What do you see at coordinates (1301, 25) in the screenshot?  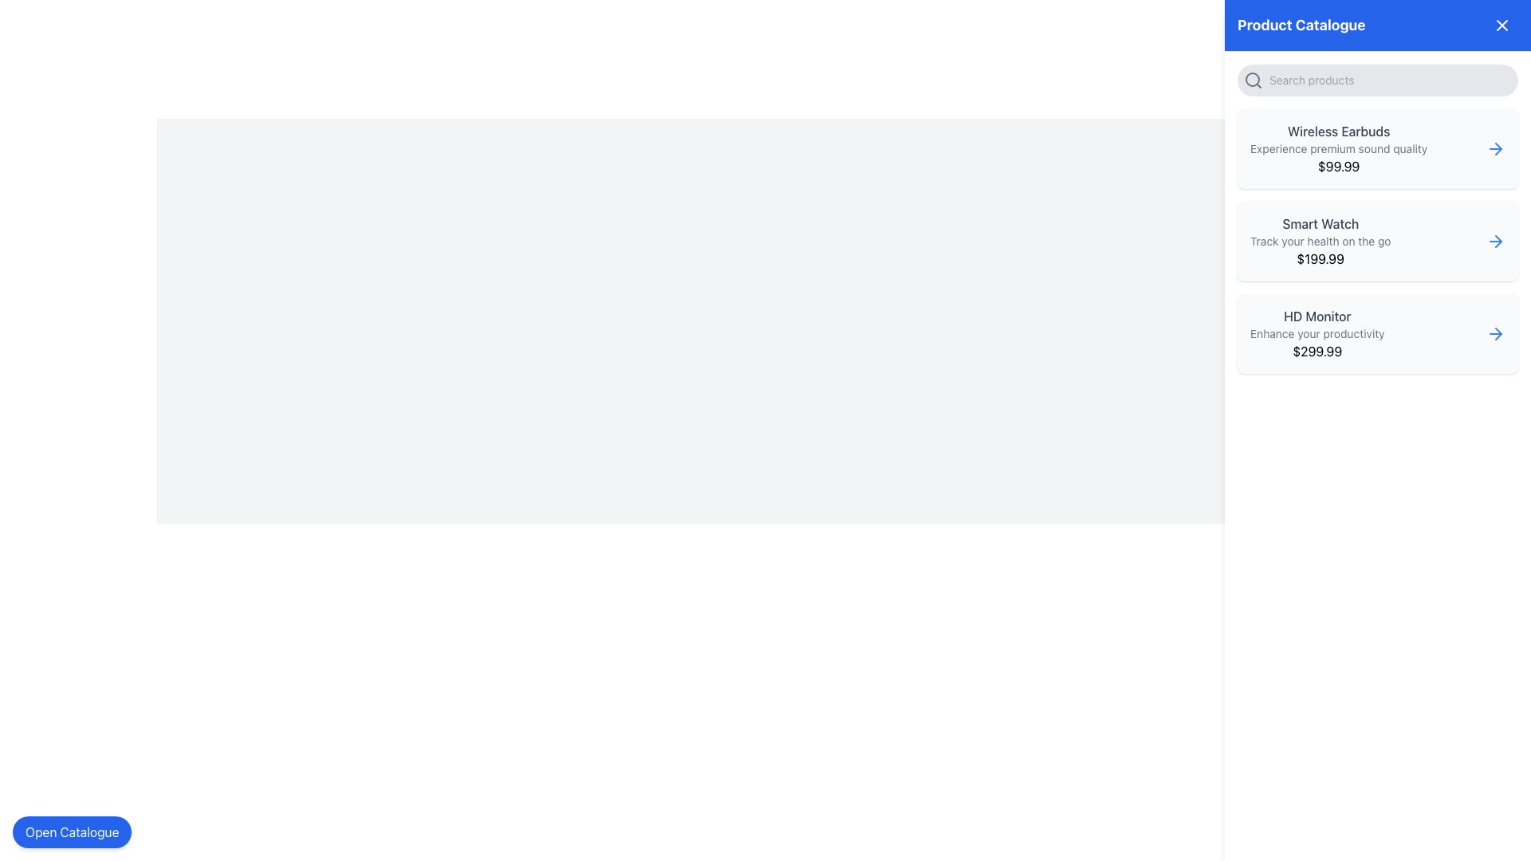 I see `the prominently styled text header that reads 'Product Catalogue', which is bold and white on a blue background, located at the left side of the header section in the right-side panel` at bounding box center [1301, 25].